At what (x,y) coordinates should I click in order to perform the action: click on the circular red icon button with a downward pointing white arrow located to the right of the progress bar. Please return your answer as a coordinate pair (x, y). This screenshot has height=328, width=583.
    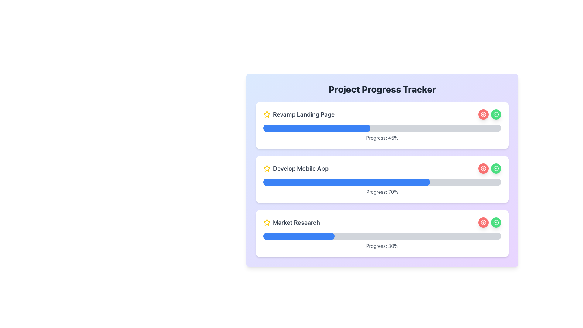
    Looking at the image, I should click on (483, 169).